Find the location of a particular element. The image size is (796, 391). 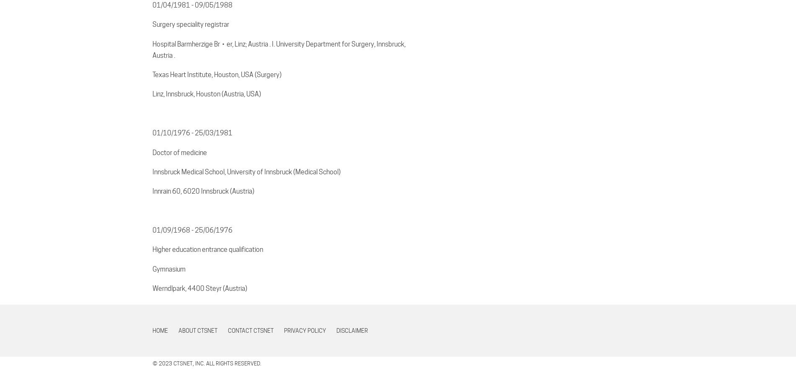

'Gymnasium' is located at coordinates (168, 268).